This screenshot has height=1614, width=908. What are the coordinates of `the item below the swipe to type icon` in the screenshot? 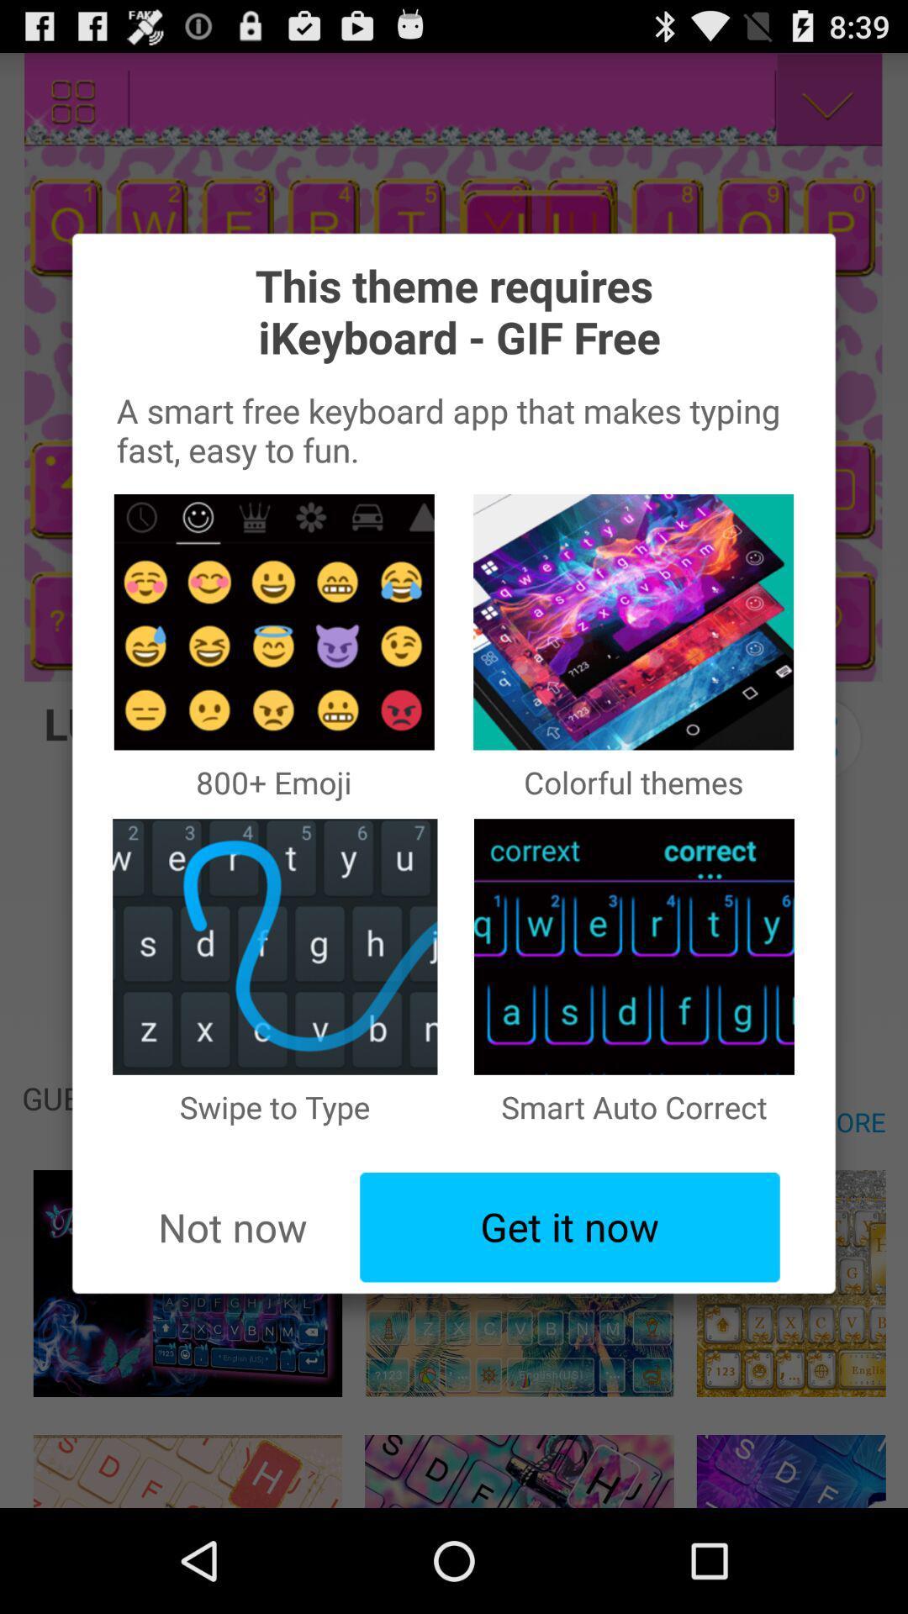 It's located at (569, 1227).